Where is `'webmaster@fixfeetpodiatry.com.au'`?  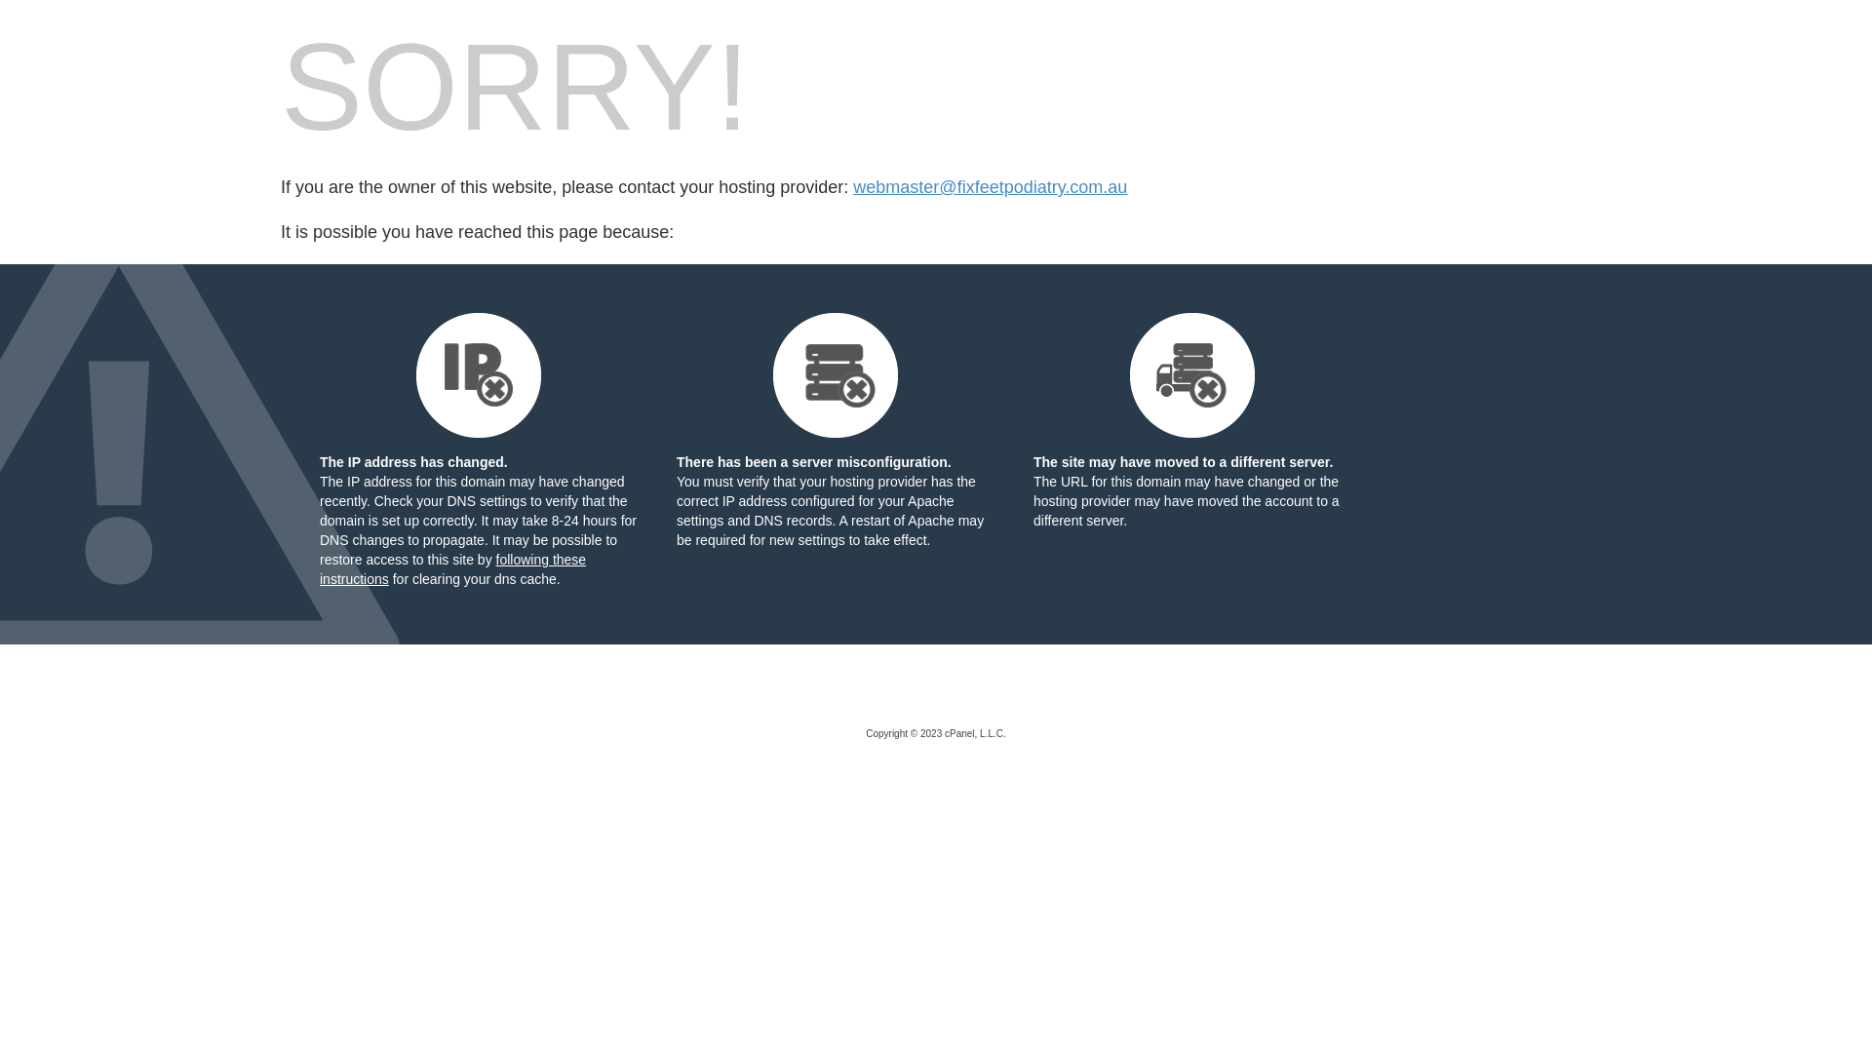
'webmaster@fixfeetpodiatry.com.au' is located at coordinates (990, 187).